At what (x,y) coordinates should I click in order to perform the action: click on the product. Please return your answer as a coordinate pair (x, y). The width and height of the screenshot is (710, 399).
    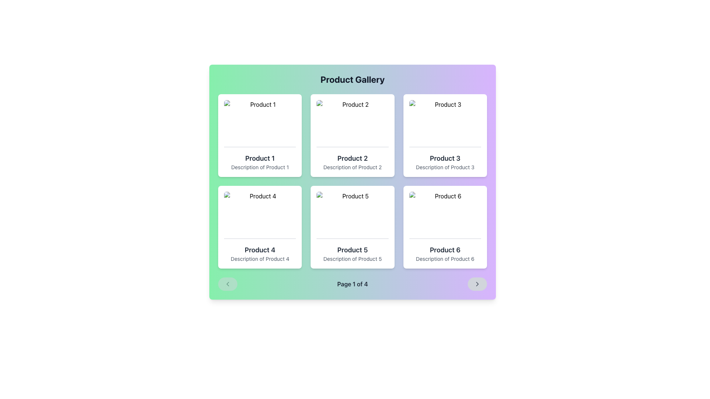
    Looking at the image, I should click on (352, 250).